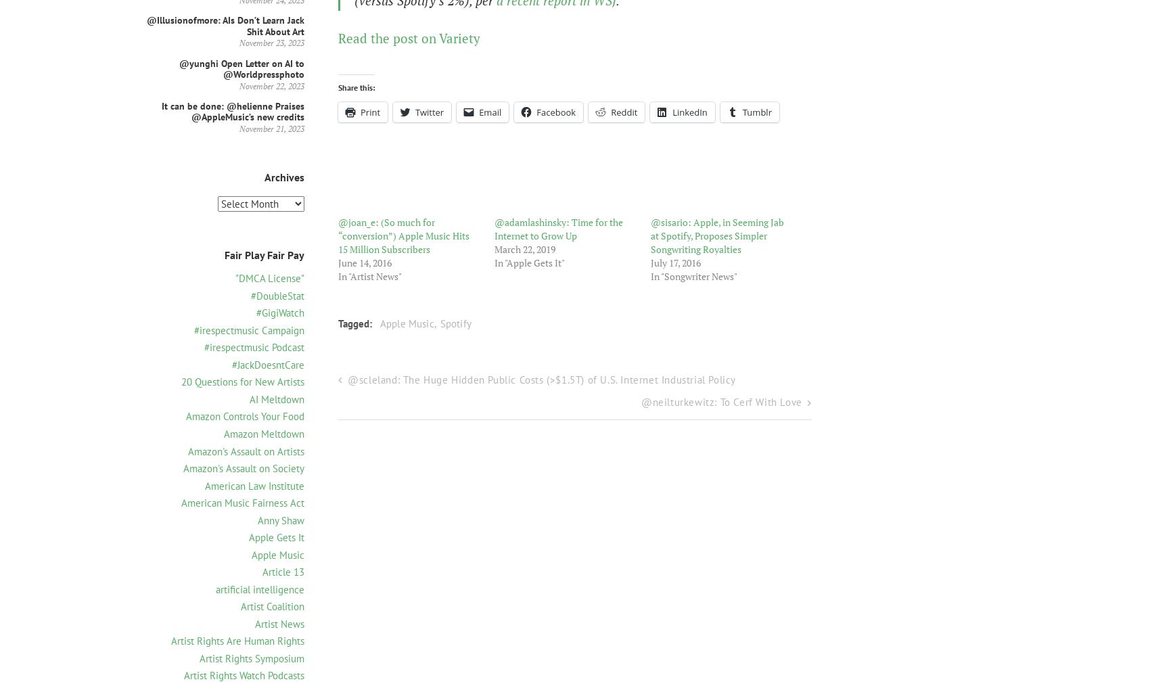  Describe the element at coordinates (356, 87) in the screenshot. I see `'Share this:'` at that location.